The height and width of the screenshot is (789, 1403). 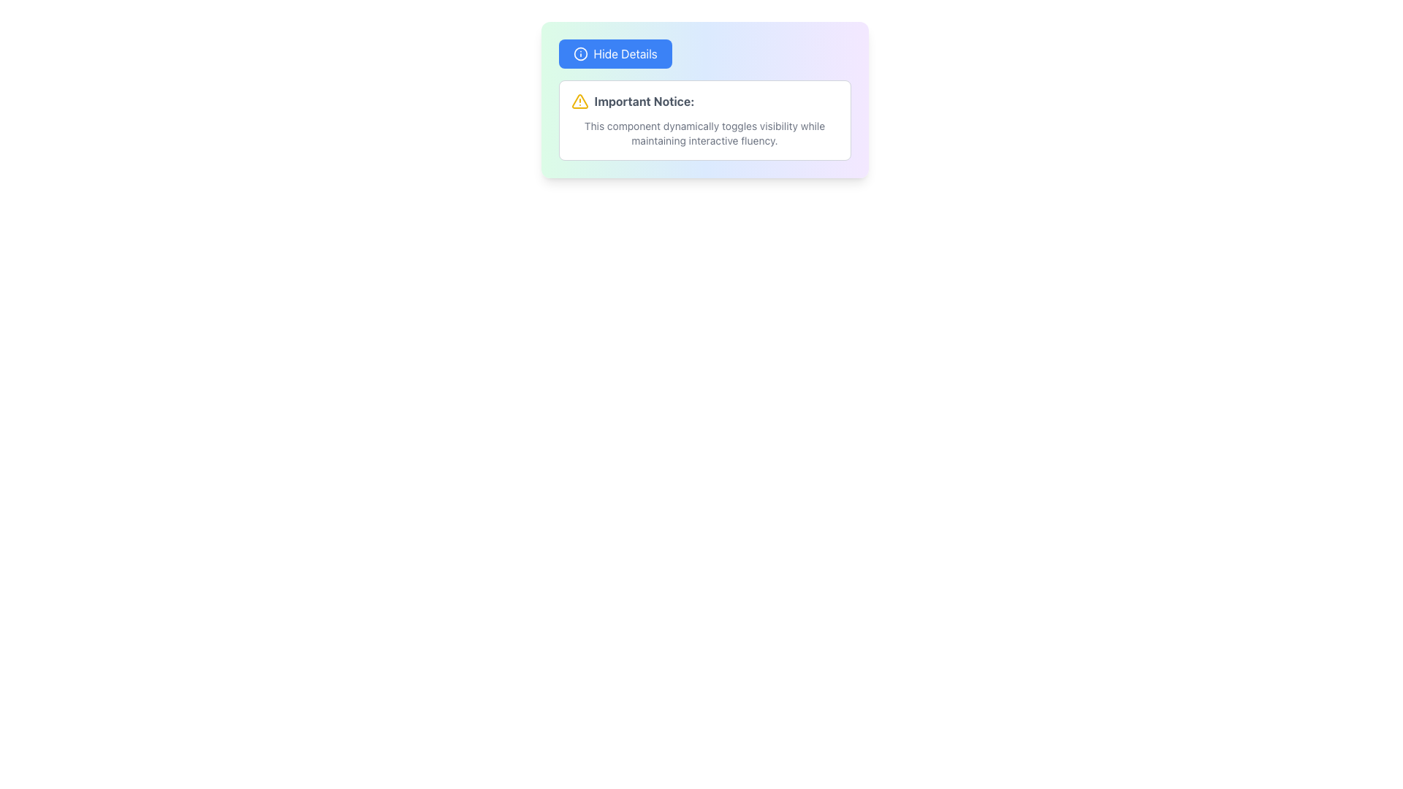 What do you see at coordinates (643, 100) in the screenshot?
I see `the header label that serves as an introductory notice, positioned to the right of a triangular warning icon` at bounding box center [643, 100].